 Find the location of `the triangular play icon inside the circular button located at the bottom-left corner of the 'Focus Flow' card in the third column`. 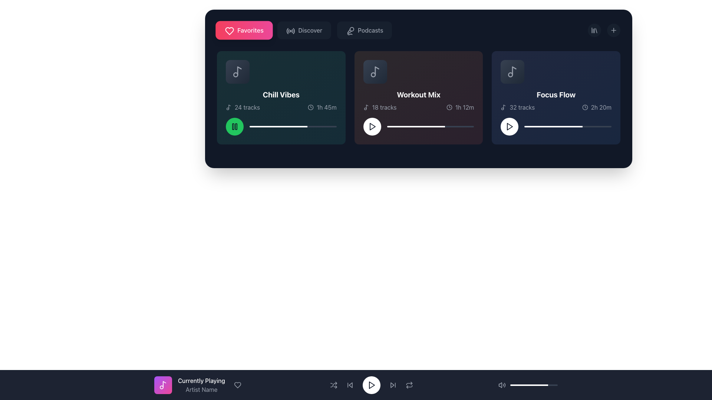

the triangular play icon inside the circular button located at the bottom-left corner of the 'Focus Flow' card in the third column is located at coordinates (509, 126).